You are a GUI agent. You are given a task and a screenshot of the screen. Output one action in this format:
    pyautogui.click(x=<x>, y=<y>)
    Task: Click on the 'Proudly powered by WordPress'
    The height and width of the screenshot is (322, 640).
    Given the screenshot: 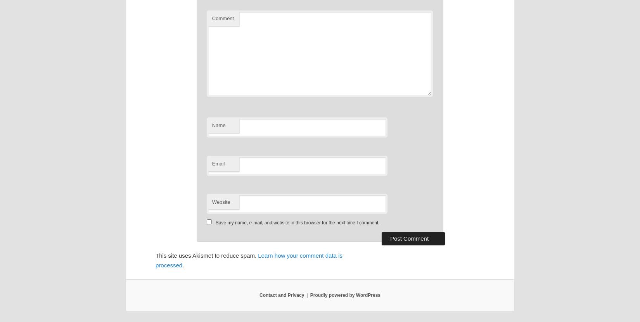 What is the action you would take?
    pyautogui.click(x=309, y=295)
    